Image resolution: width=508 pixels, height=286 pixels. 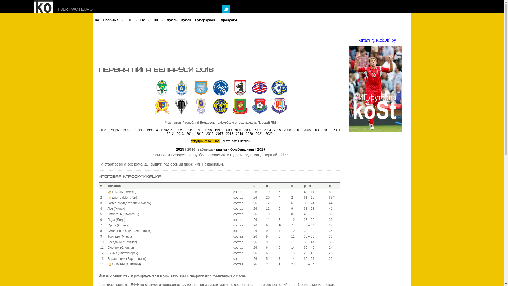 I want to click on '2011', so click(x=337, y=130).